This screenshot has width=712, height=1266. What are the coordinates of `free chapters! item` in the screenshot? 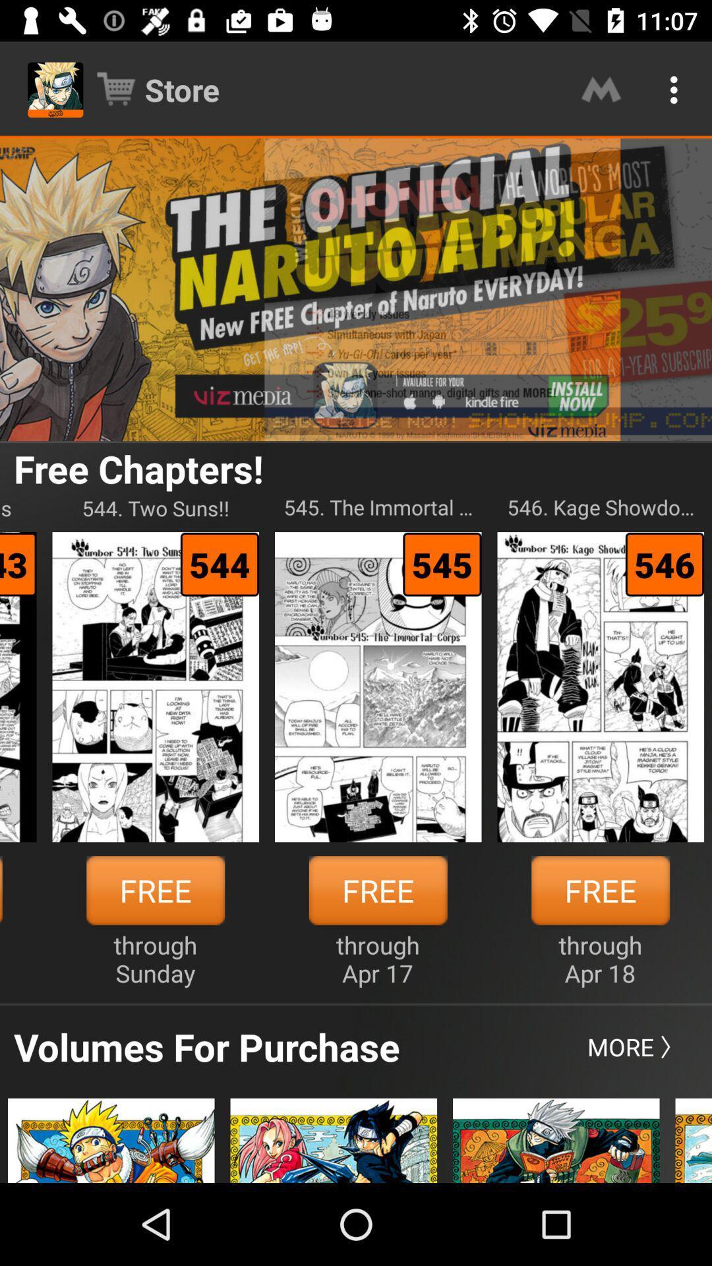 It's located at (138, 468).